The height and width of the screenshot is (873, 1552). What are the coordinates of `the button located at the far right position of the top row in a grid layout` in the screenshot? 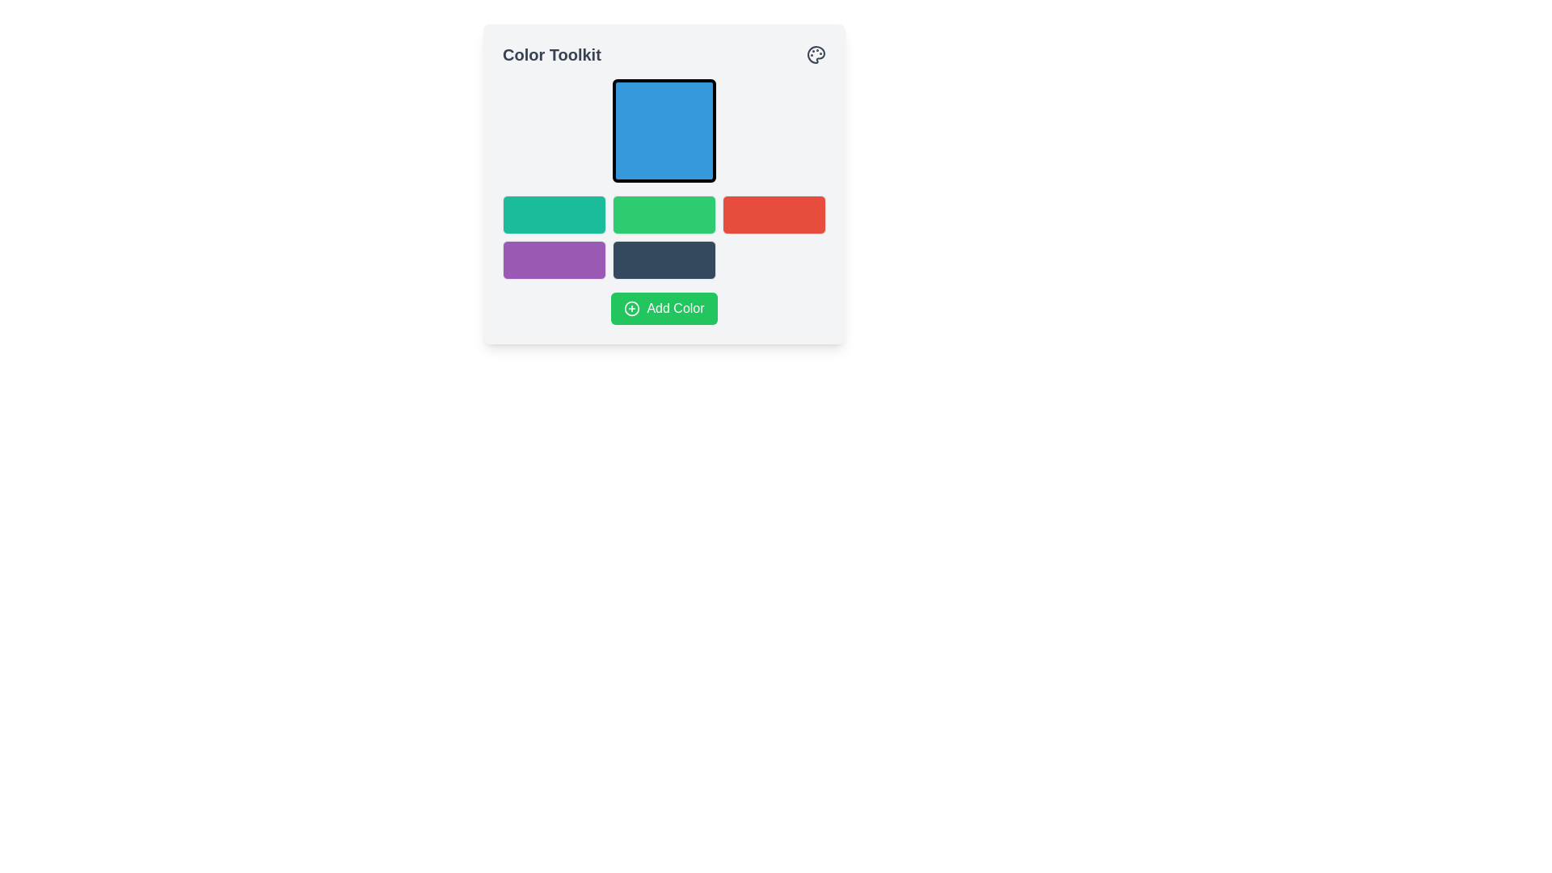 It's located at (774, 214).